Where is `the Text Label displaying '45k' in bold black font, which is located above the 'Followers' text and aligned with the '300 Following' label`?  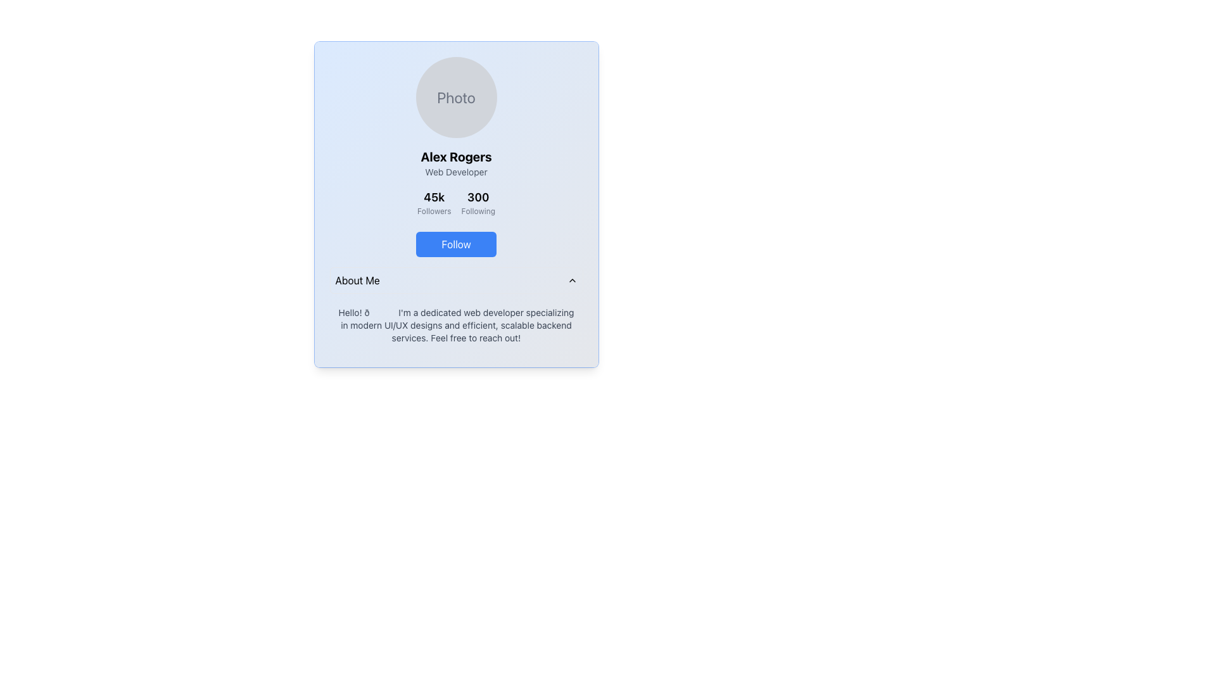 the Text Label displaying '45k' in bold black font, which is located above the 'Followers' text and aligned with the '300 Following' label is located at coordinates (434, 198).